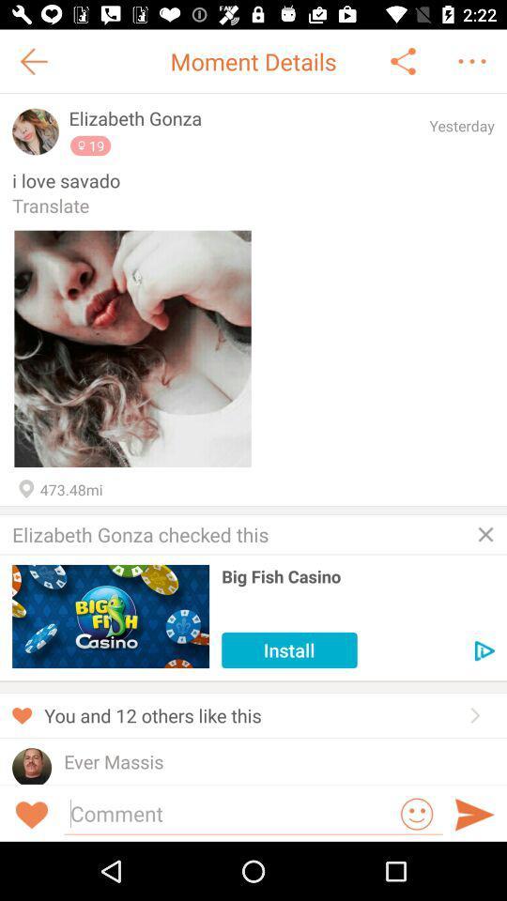 This screenshot has width=507, height=901. I want to click on the quelinda, so click(98, 782).